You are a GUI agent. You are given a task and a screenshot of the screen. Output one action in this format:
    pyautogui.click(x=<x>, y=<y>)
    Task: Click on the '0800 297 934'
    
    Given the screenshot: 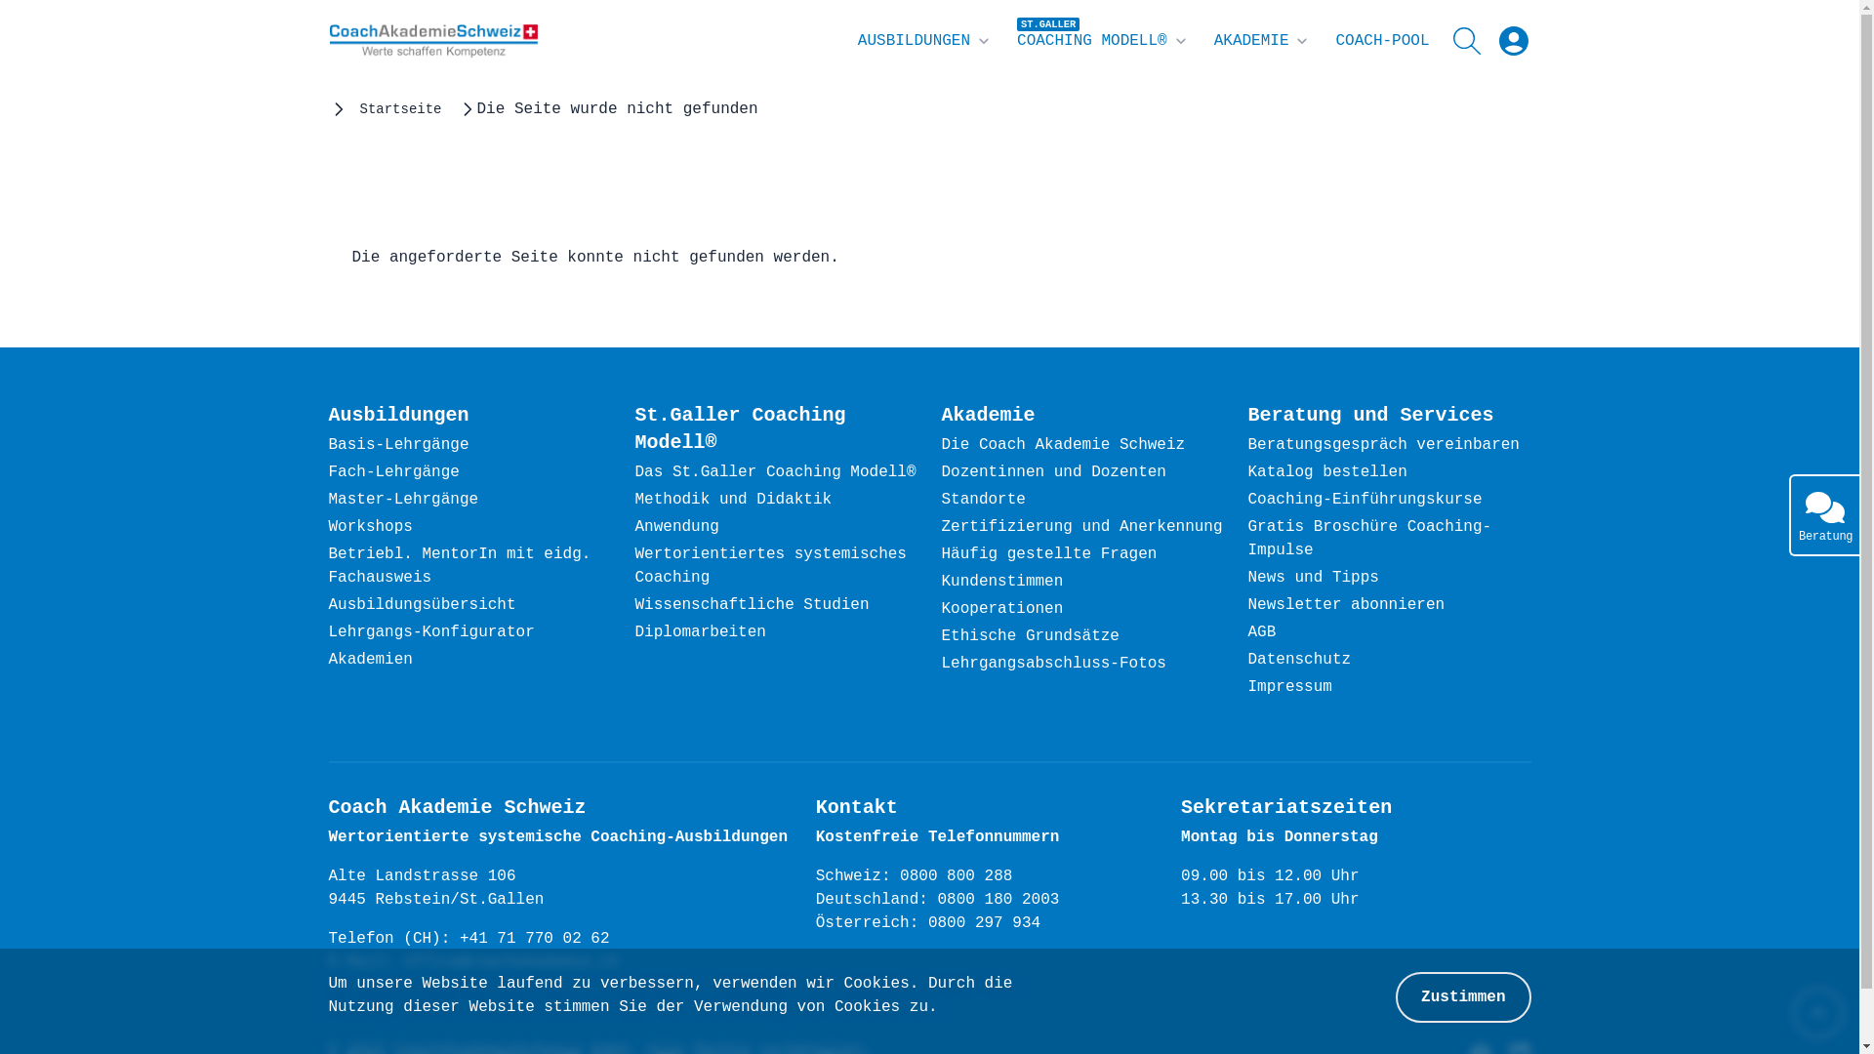 What is the action you would take?
    pyautogui.click(x=926, y=923)
    